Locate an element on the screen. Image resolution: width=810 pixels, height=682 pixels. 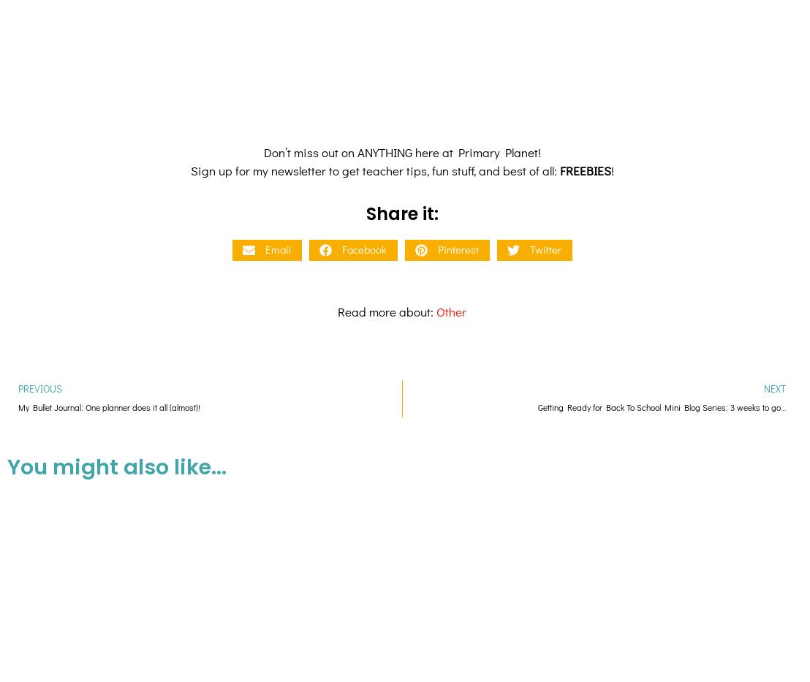
'Procedural Writing for Kids: Mini-Lesson with a Cool Writing Graphic Organizer' is located at coordinates (97, 600).